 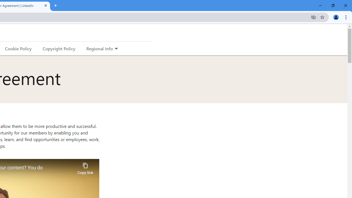 I want to click on 'Regional Info', so click(x=100, y=48).